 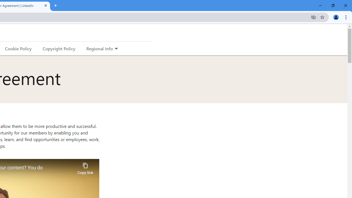 I want to click on 'Regional Info', so click(x=100, y=48).